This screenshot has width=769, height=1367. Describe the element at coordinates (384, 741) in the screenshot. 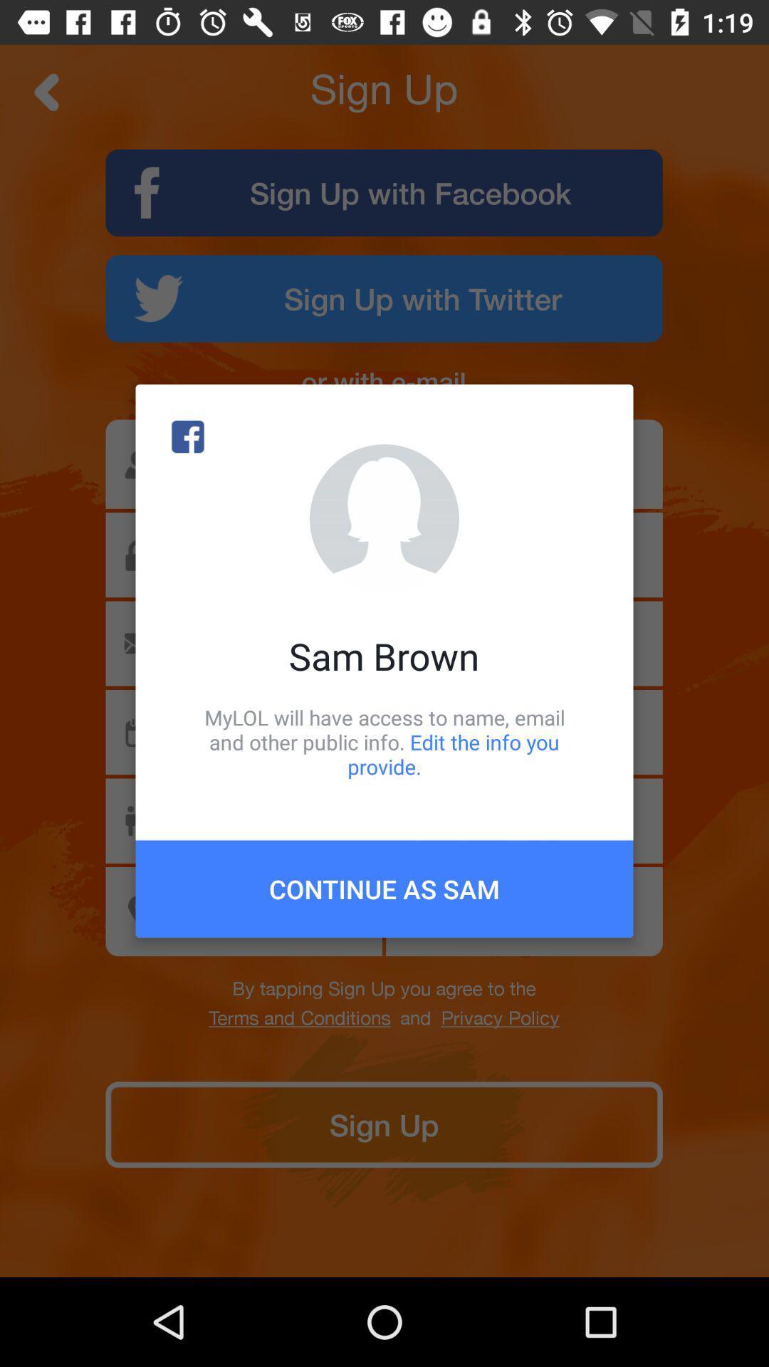

I see `item below sam brown icon` at that location.